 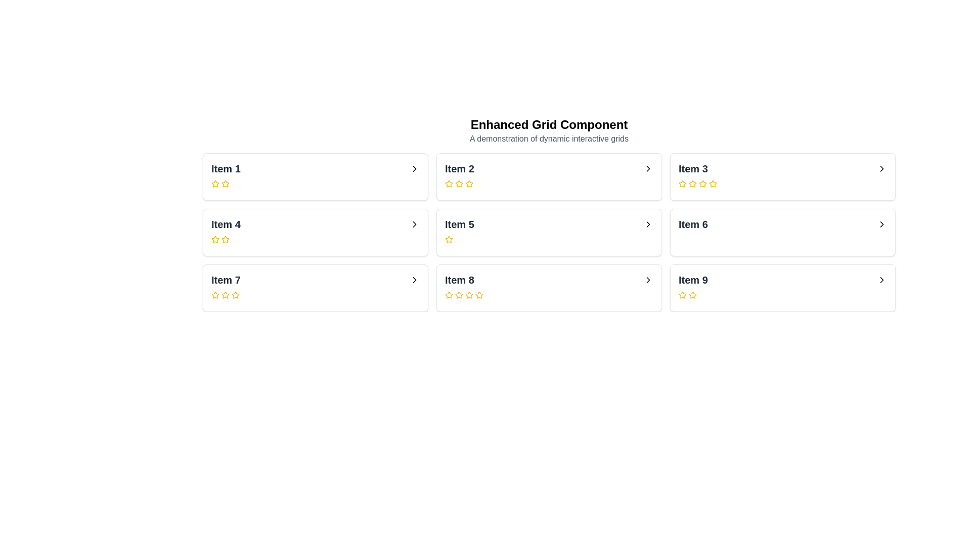 What do you see at coordinates (548, 184) in the screenshot?
I see `the Rating stars component, which consists of five yellow star icons located within the card labeled 'Item 2' below the card title` at bounding box center [548, 184].